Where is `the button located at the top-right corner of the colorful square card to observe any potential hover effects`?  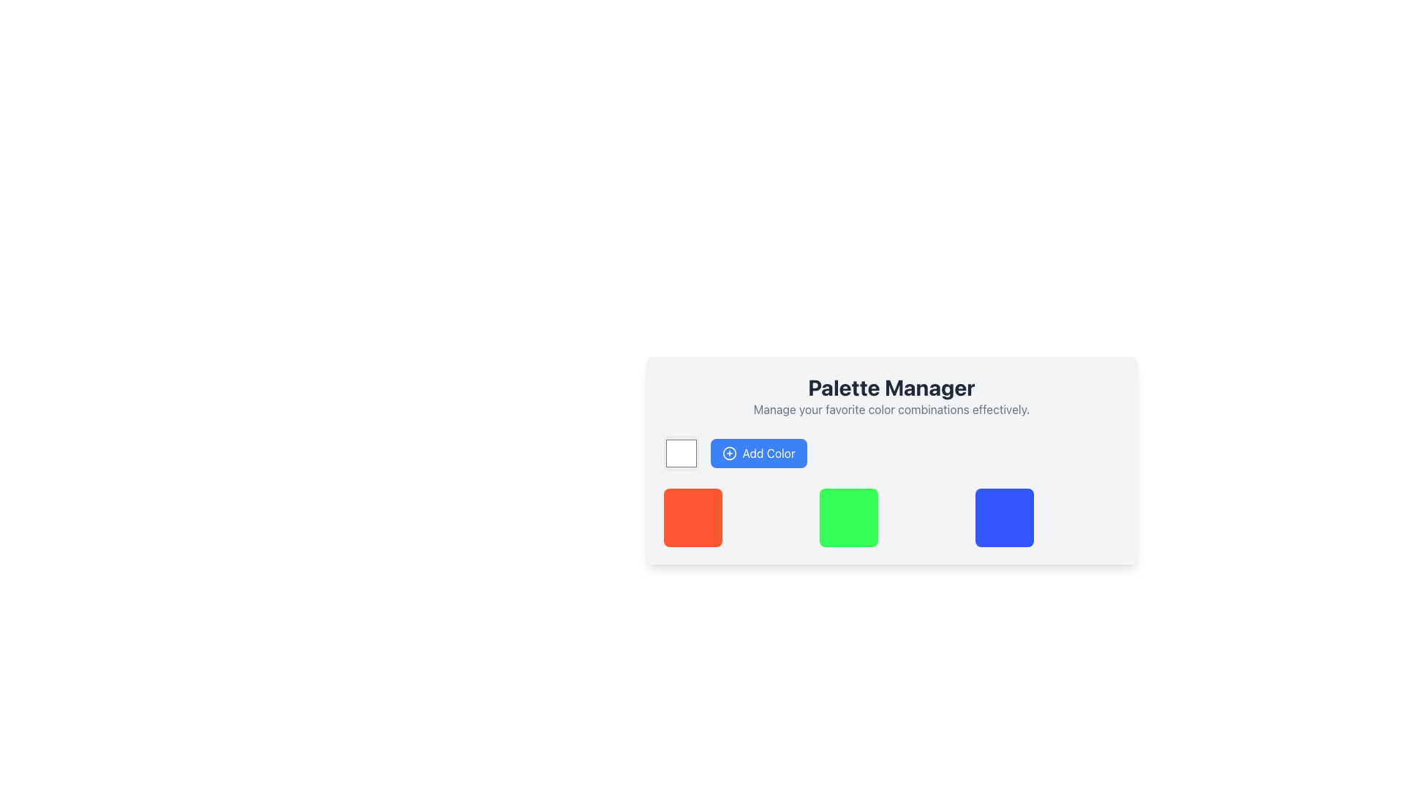 the button located at the top-right corner of the colorful square card to observe any potential hover effects is located at coordinates (1106, 501).